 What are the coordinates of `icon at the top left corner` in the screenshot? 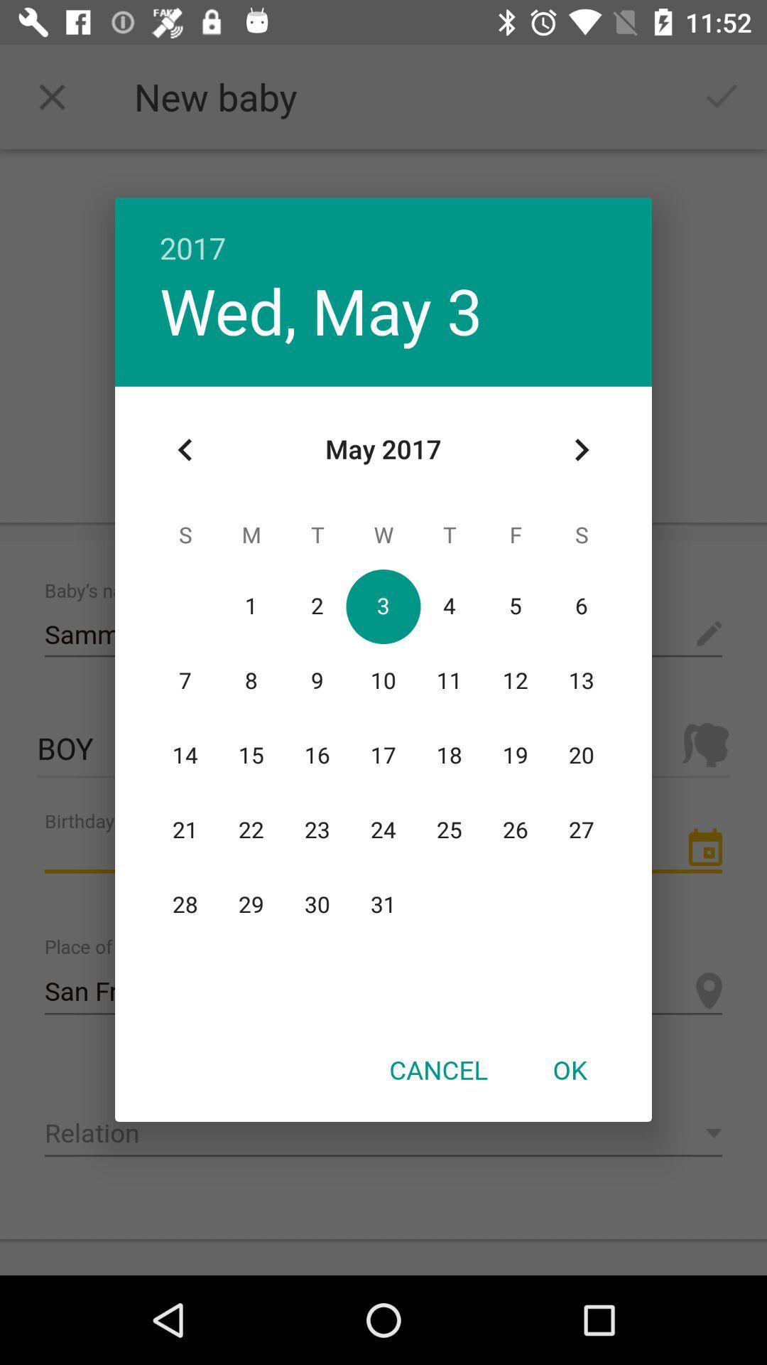 It's located at (185, 449).